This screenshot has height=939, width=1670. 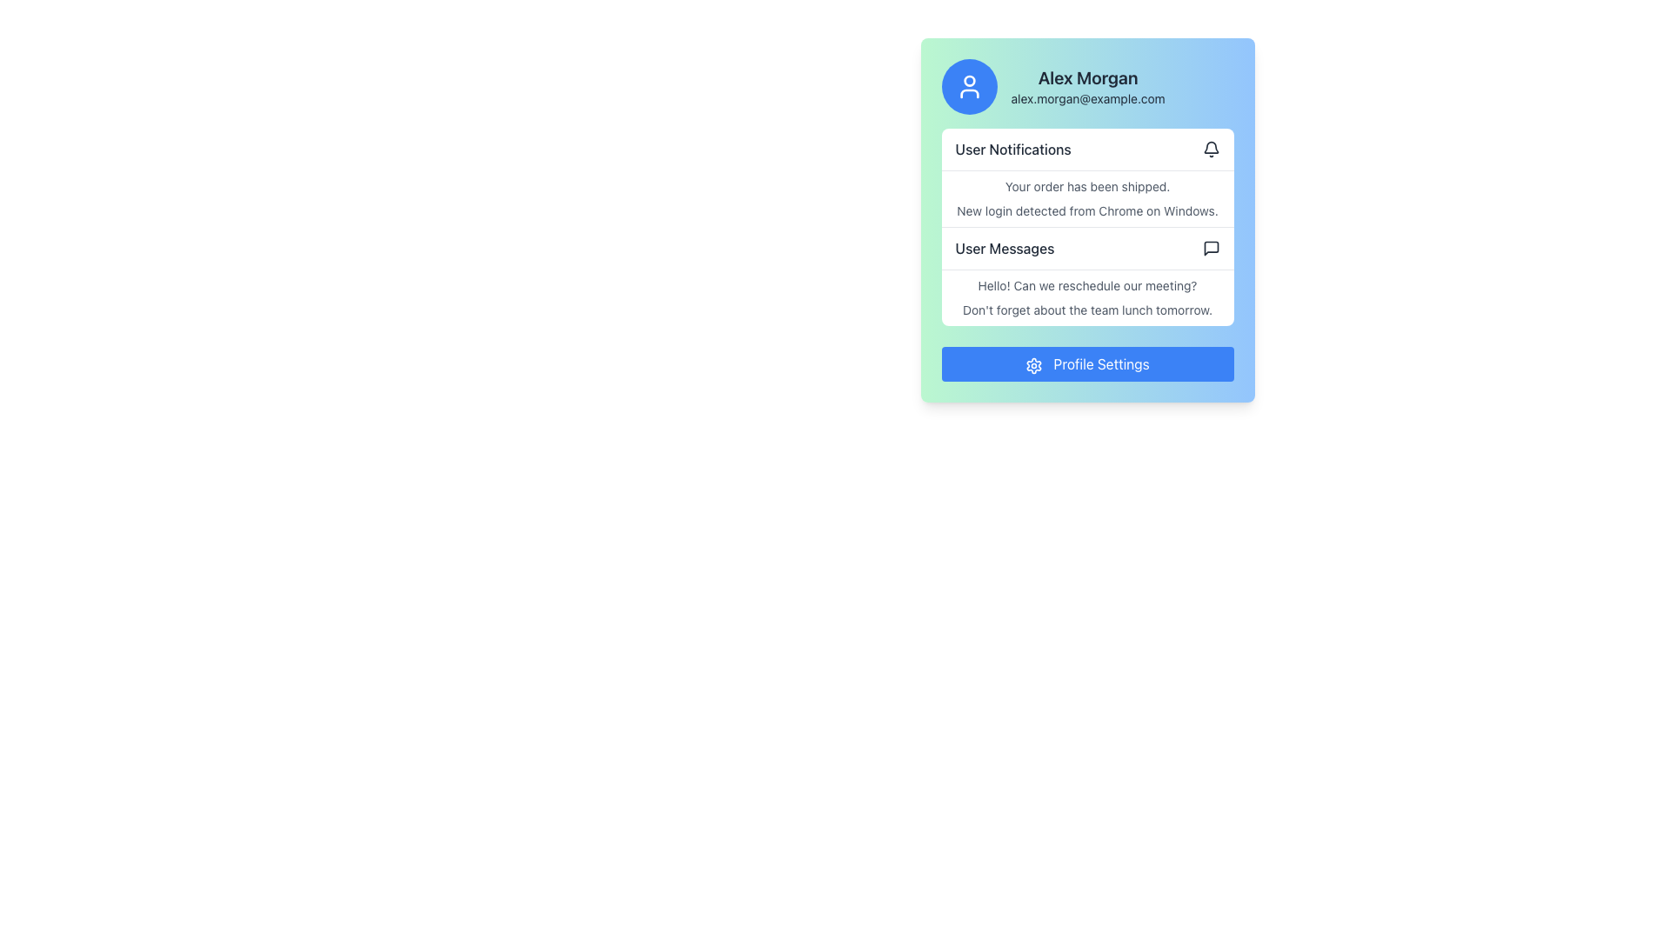 I want to click on the settings cogwheel icon located at the top right of the panel, next to the 'User Notifications' heading, so click(x=1034, y=364).